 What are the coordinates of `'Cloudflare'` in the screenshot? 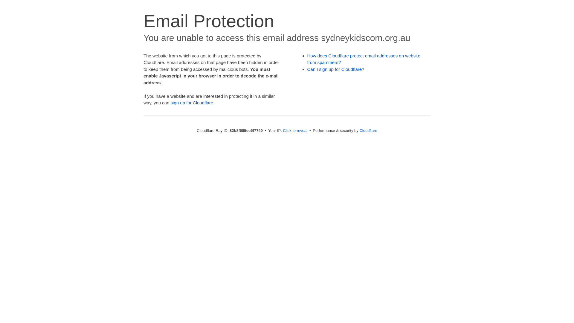 It's located at (368, 130).